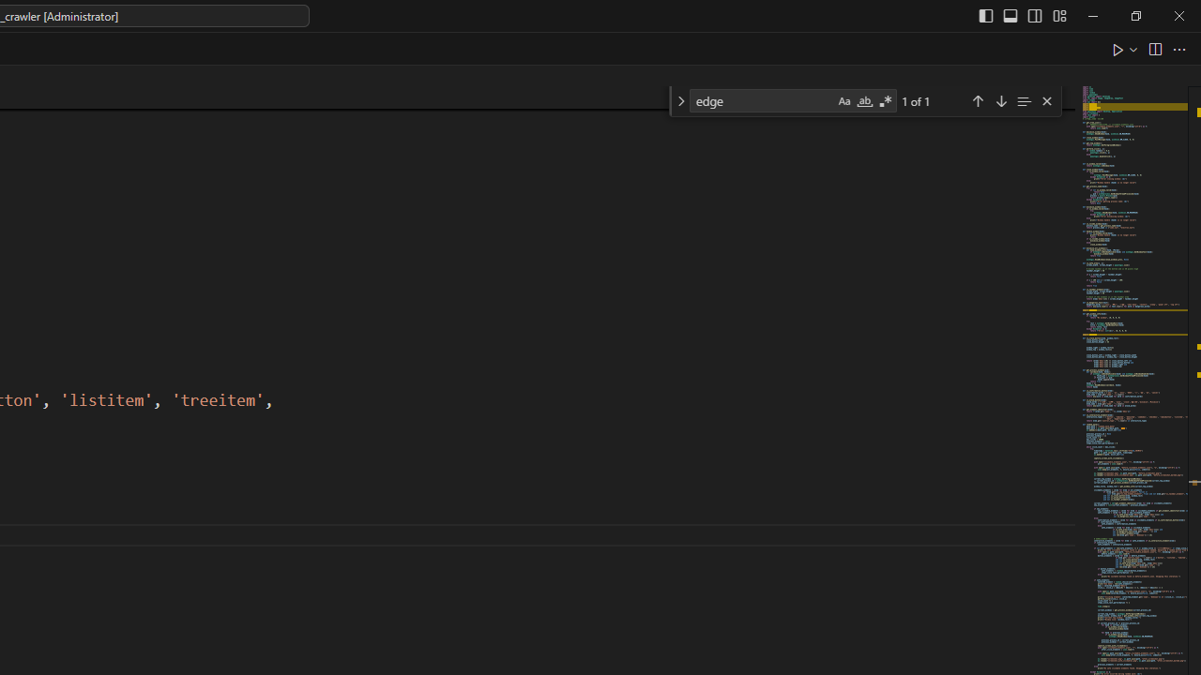 The height and width of the screenshot is (675, 1201). I want to click on 'Use Regular Expression (Alt+R)', so click(885, 101).